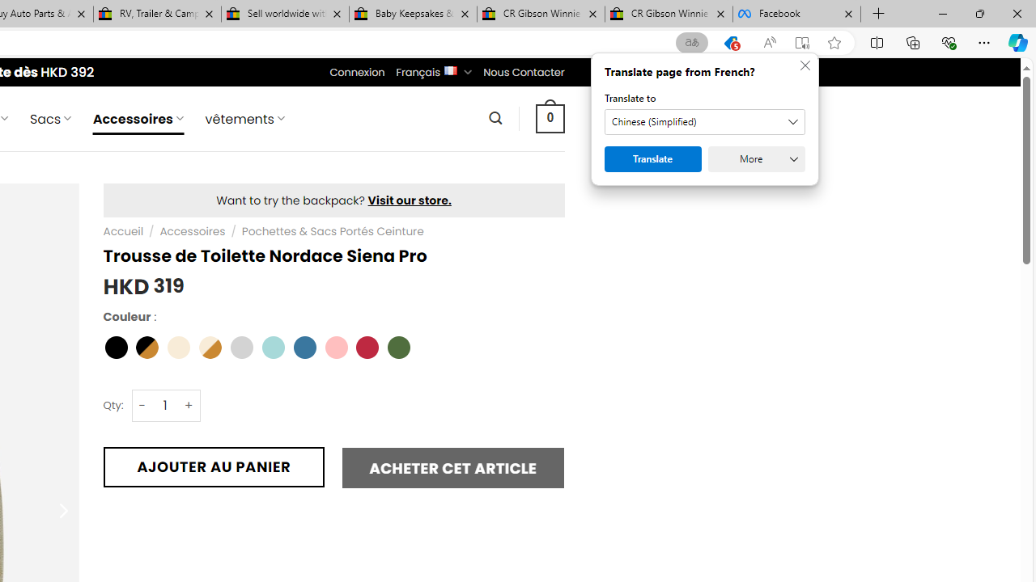 This screenshot has width=1036, height=582. What do you see at coordinates (705, 121) in the screenshot?
I see `'Translate to'` at bounding box center [705, 121].